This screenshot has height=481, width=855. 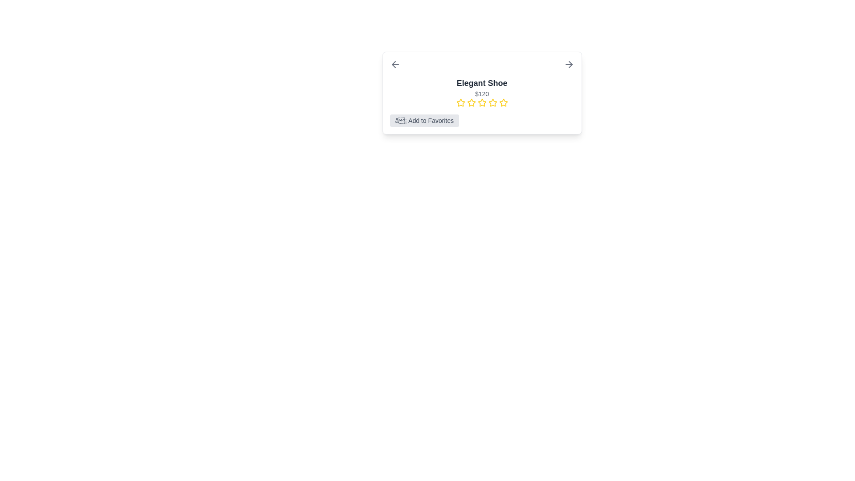 I want to click on the right-pointing arrow button in the header section of the card UI component, so click(x=568, y=64).